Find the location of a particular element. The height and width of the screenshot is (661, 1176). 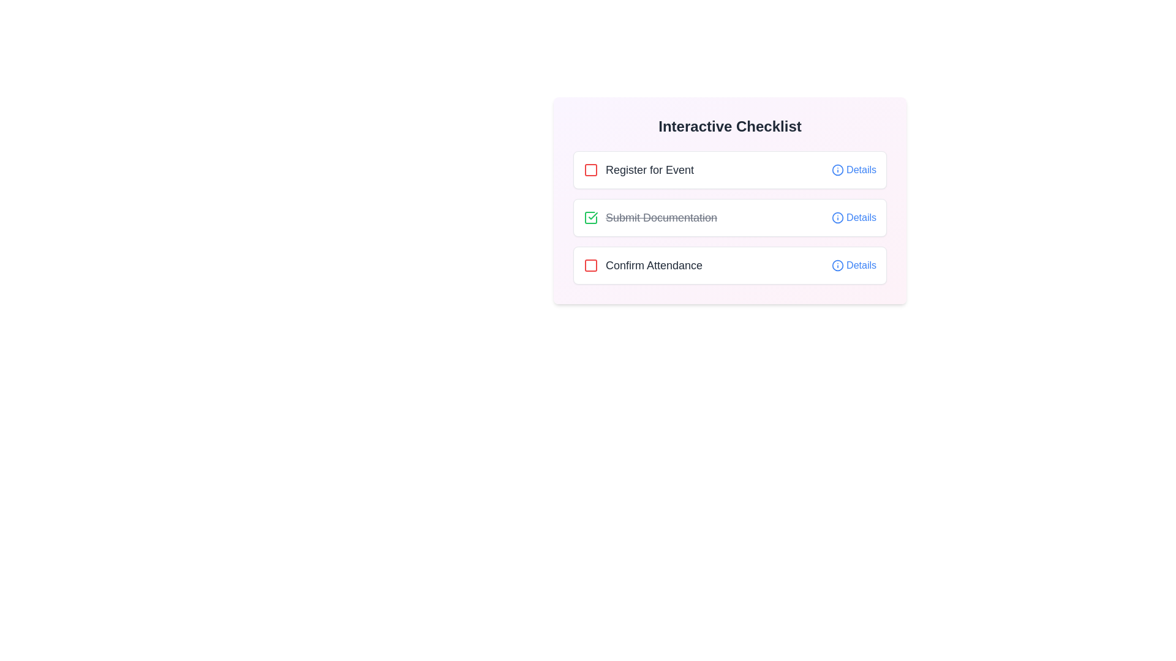

the text label indicating a completed task in the checklist for submitting documentation, which is the second item in the vertical layout is located at coordinates (650, 217).